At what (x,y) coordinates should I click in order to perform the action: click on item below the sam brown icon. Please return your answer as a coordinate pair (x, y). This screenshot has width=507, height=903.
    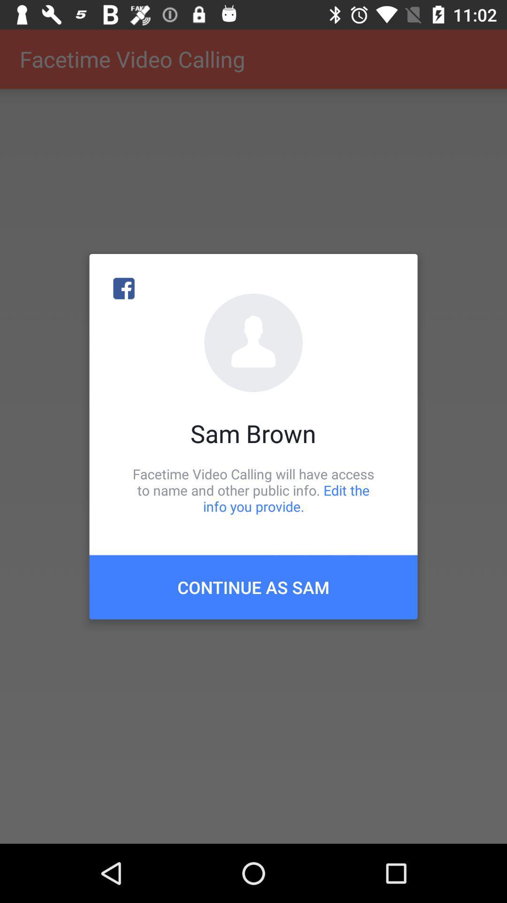
    Looking at the image, I should click on (253, 490).